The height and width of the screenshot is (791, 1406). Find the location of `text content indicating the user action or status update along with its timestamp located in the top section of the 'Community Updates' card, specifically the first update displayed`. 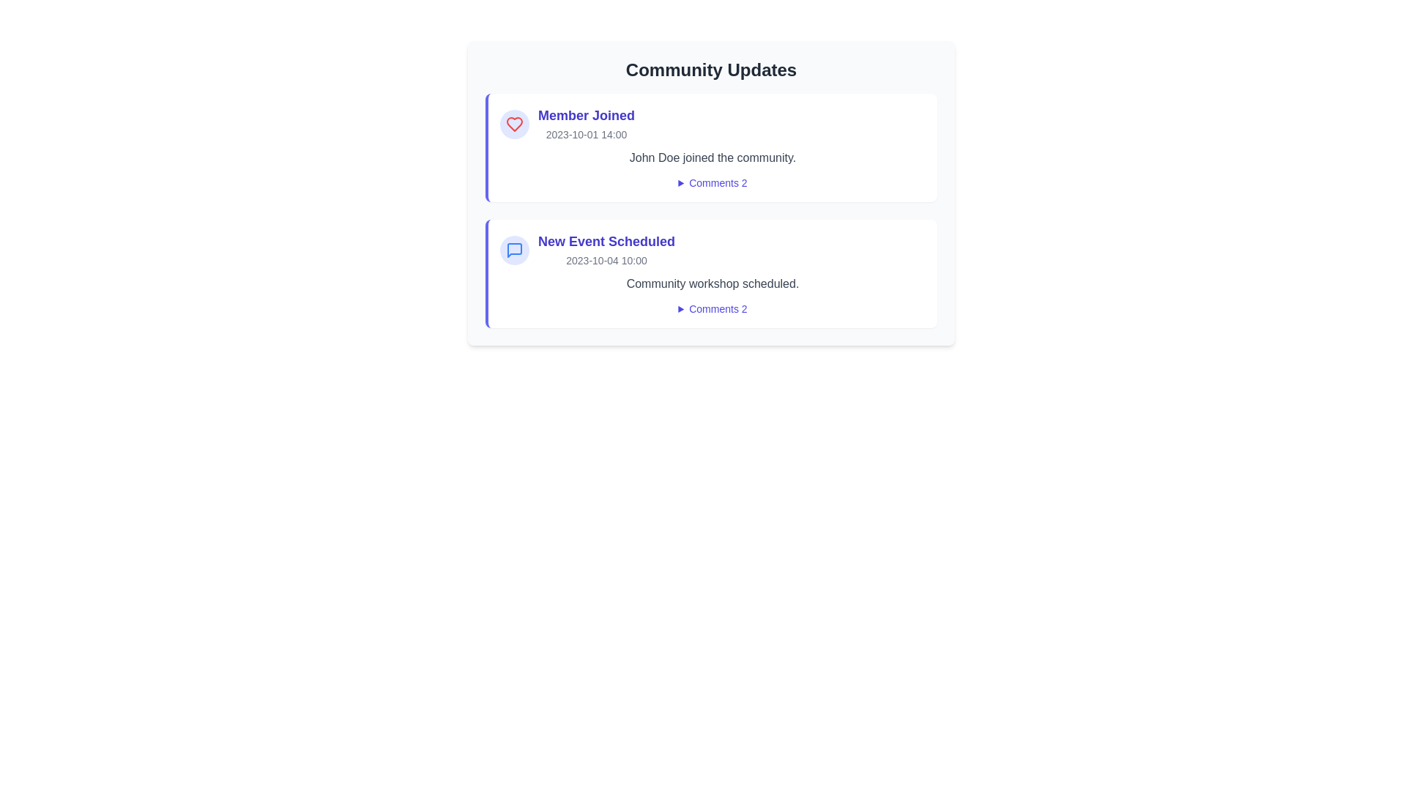

text content indicating the user action or status update along with its timestamp located in the top section of the 'Community Updates' card, specifically the first update displayed is located at coordinates (587, 123).